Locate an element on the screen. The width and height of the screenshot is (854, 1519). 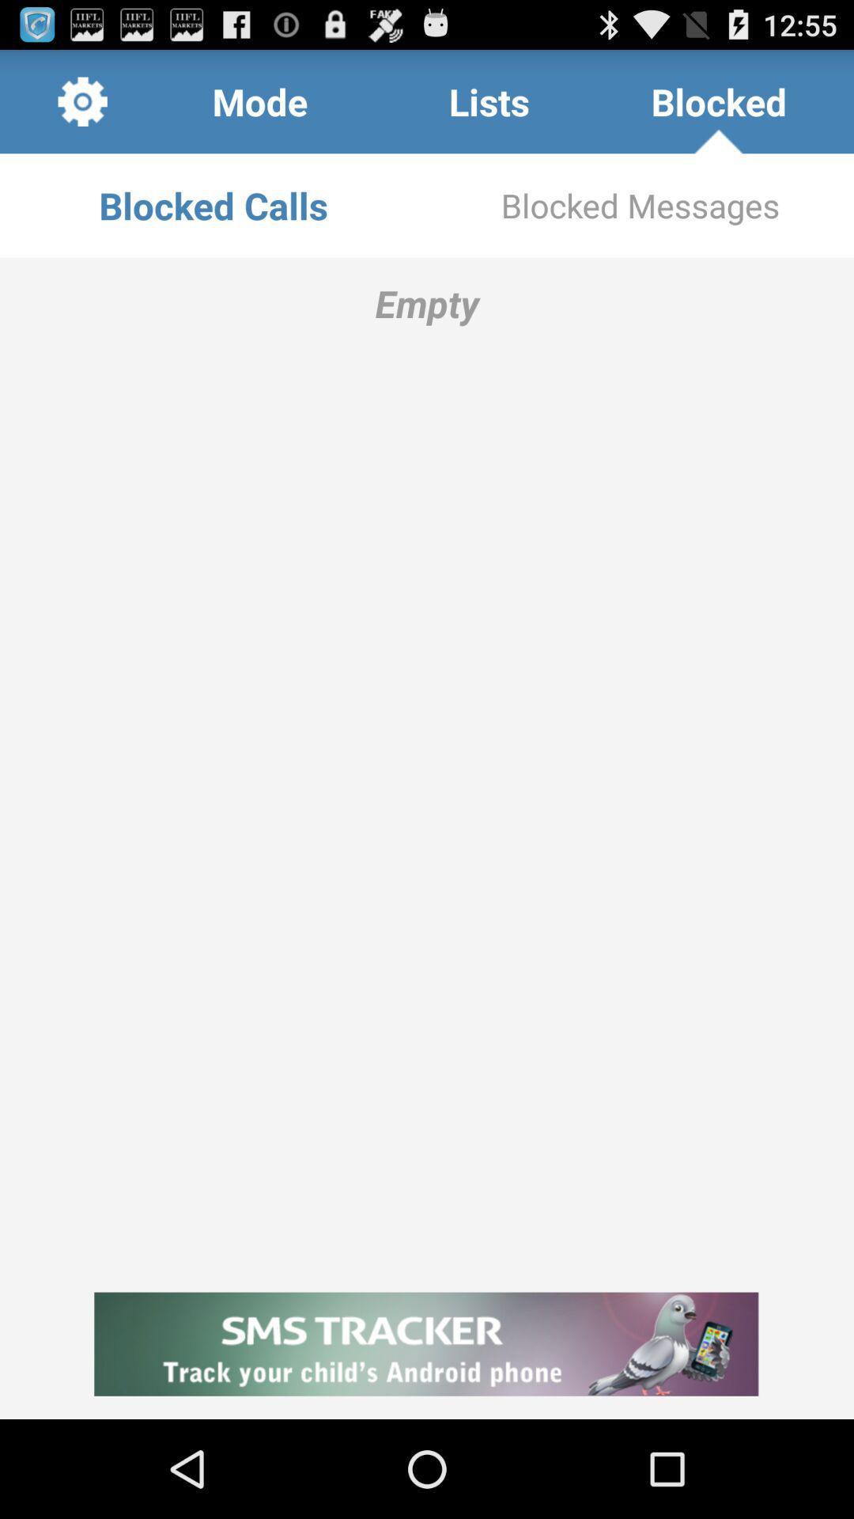
the icon below the lists app is located at coordinates (640, 204).